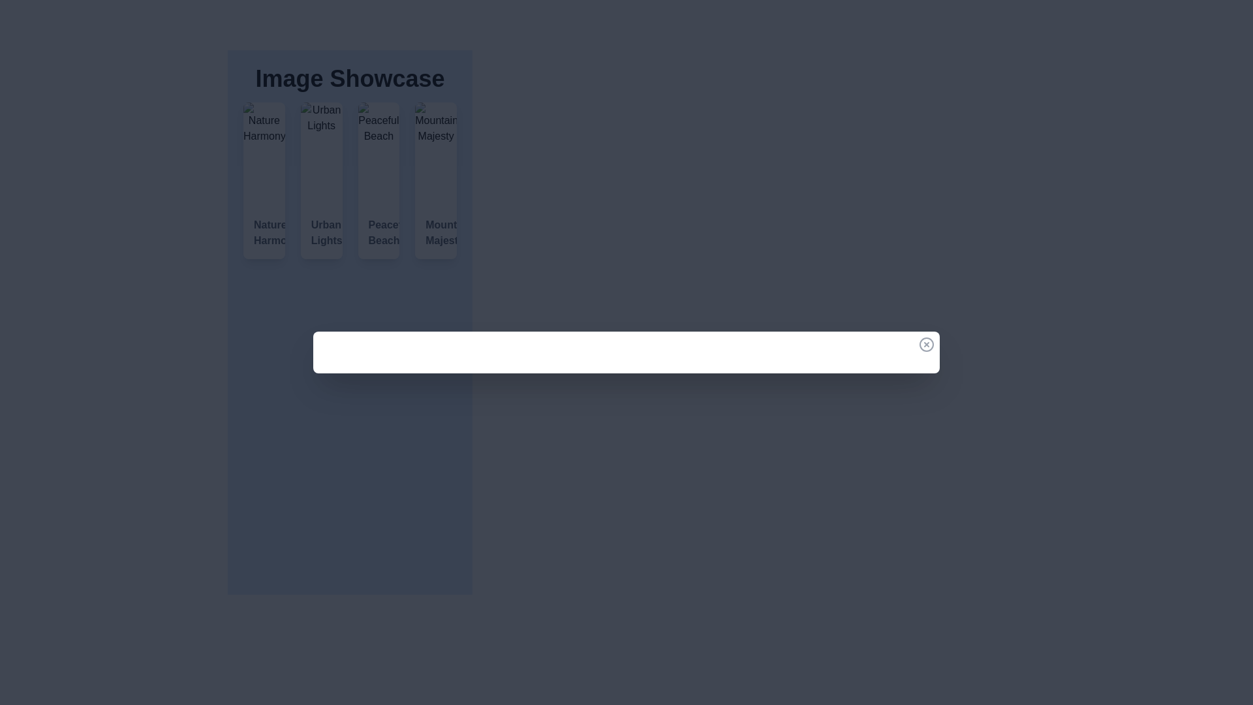 This screenshot has height=705, width=1253. What do you see at coordinates (378, 232) in the screenshot?
I see `the text label that describes the card titled 'Peaceful Beach', which is the third card in the 'Image Showcase' section` at bounding box center [378, 232].